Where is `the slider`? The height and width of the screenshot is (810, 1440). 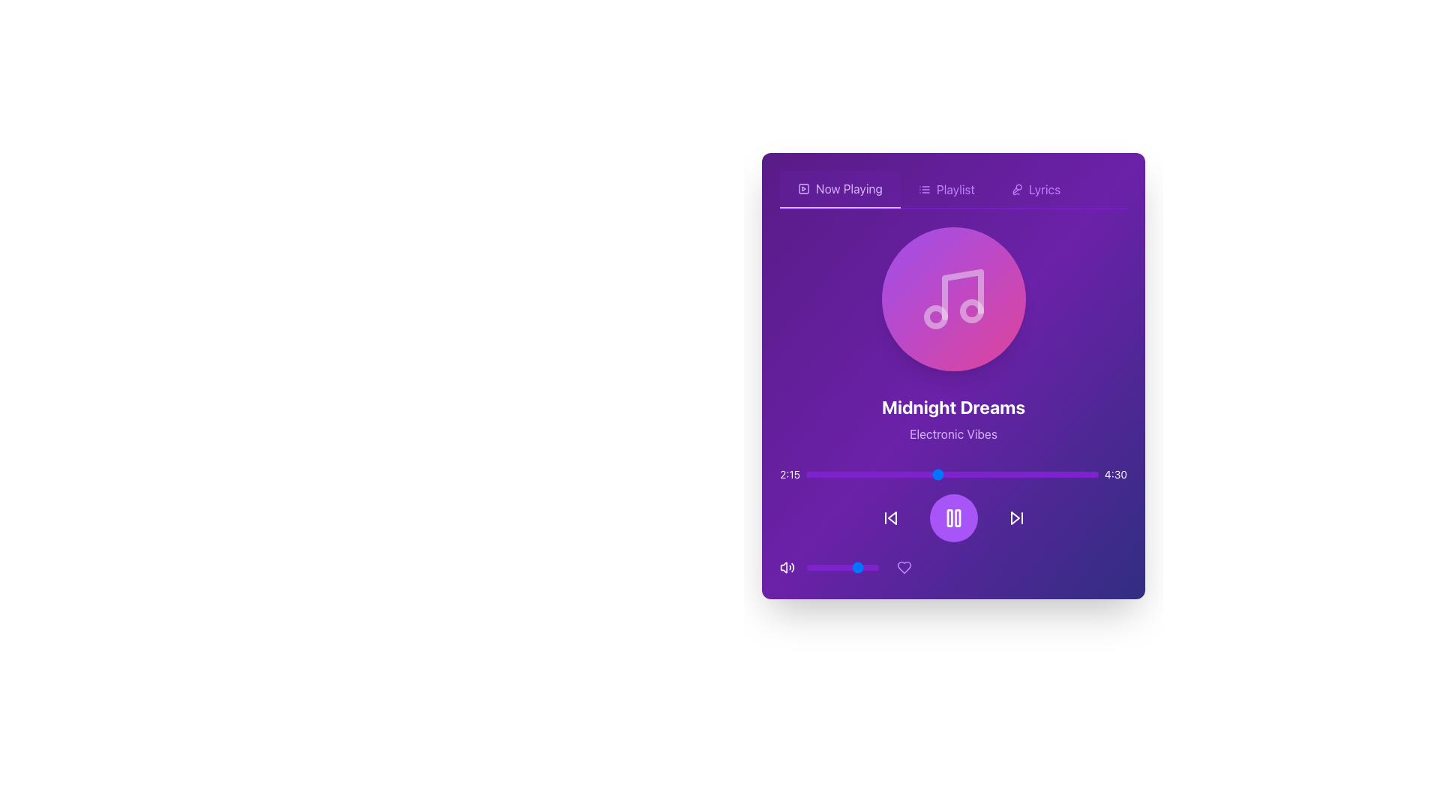
the slider is located at coordinates (928, 474).